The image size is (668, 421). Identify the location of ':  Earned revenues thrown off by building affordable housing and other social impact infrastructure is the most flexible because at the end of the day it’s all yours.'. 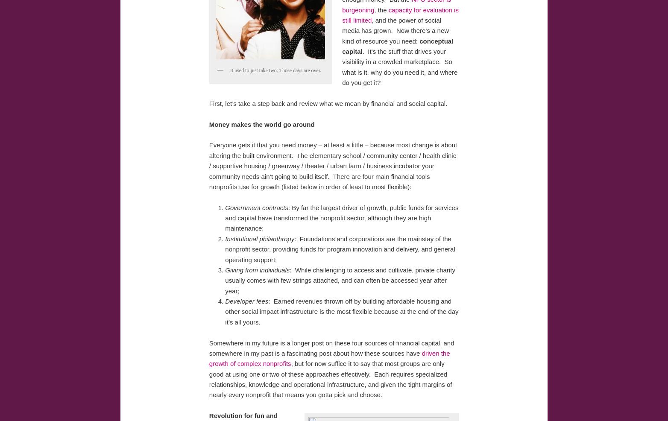
(341, 311).